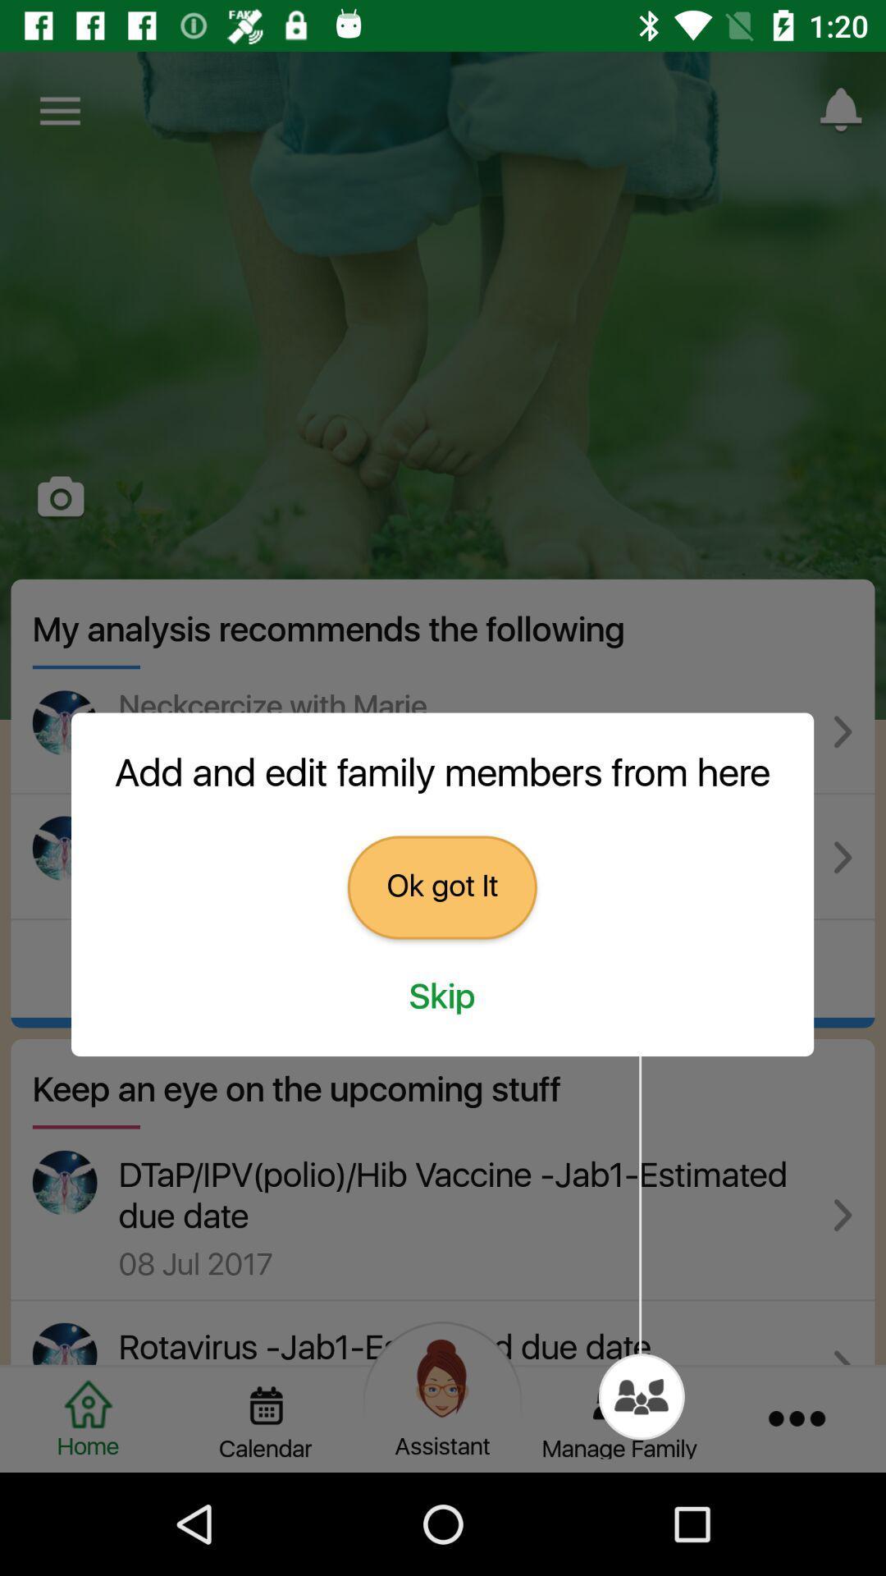 The height and width of the screenshot is (1576, 886). What do you see at coordinates (441, 886) in the screenshot?
I see `the icon below the add and edit` at bounding box center [441, 886].